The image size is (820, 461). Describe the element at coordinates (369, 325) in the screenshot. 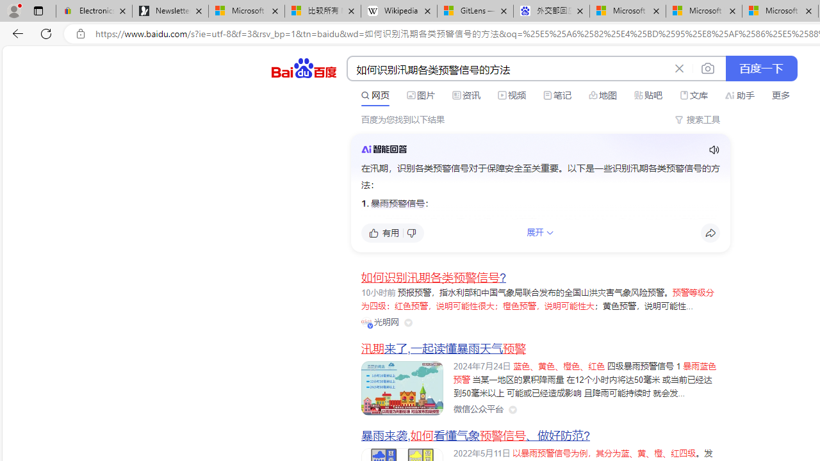

I see `'Class: vip-icon_kNmNt'` at that location.